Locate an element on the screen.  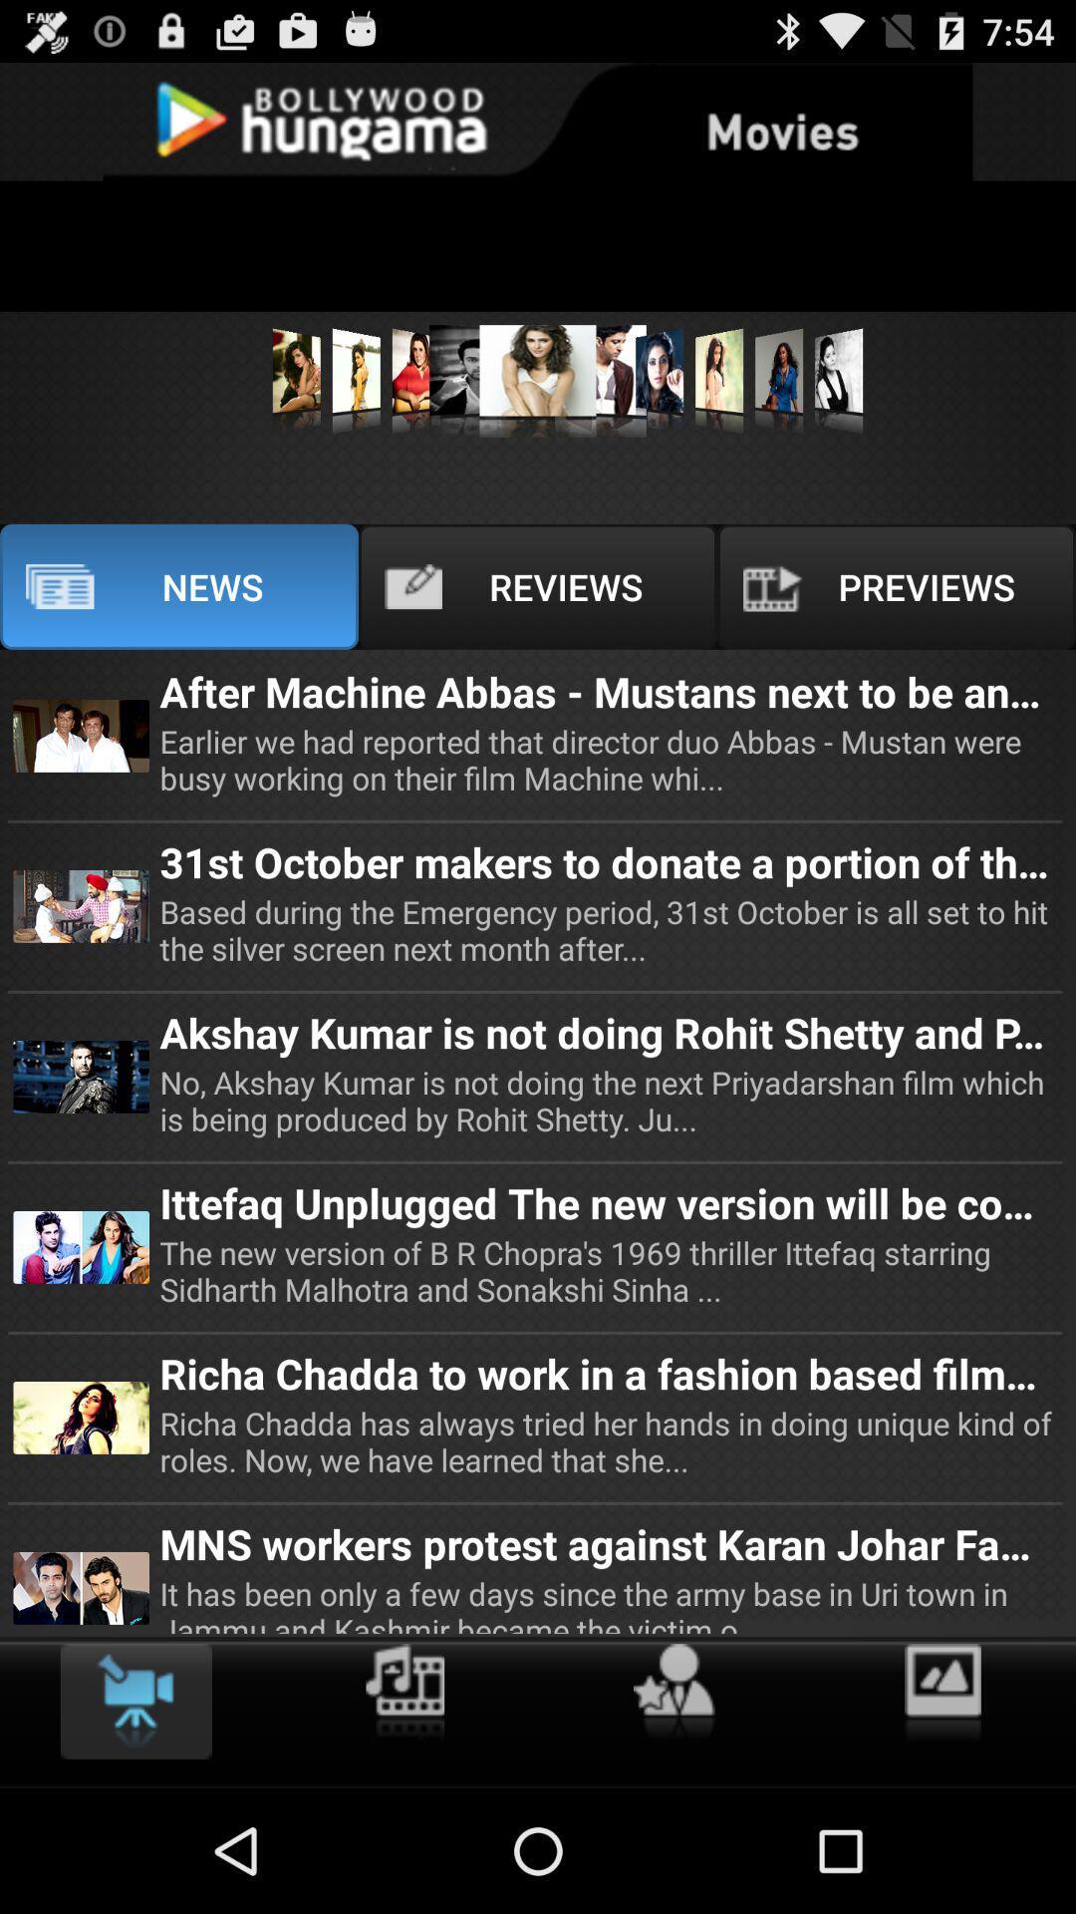
the bookmark icon is located at coordinates (134, 1820).